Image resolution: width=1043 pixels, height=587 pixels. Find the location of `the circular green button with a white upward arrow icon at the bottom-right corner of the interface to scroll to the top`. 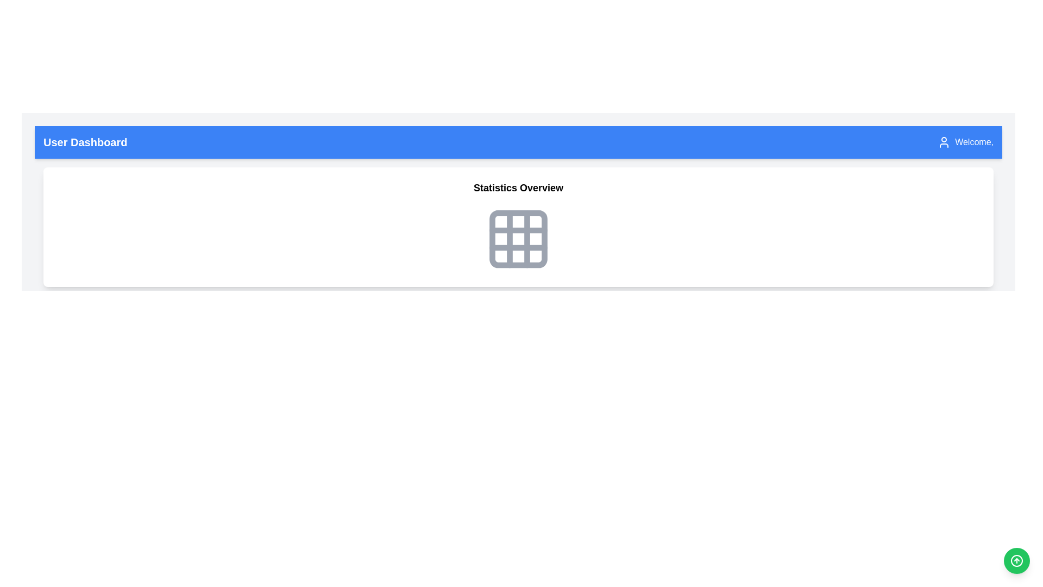

the circular green button with a white upward arrow icon at the bottom-right corner of the interface to scroll to the top is located at coordinates (1016, 561).